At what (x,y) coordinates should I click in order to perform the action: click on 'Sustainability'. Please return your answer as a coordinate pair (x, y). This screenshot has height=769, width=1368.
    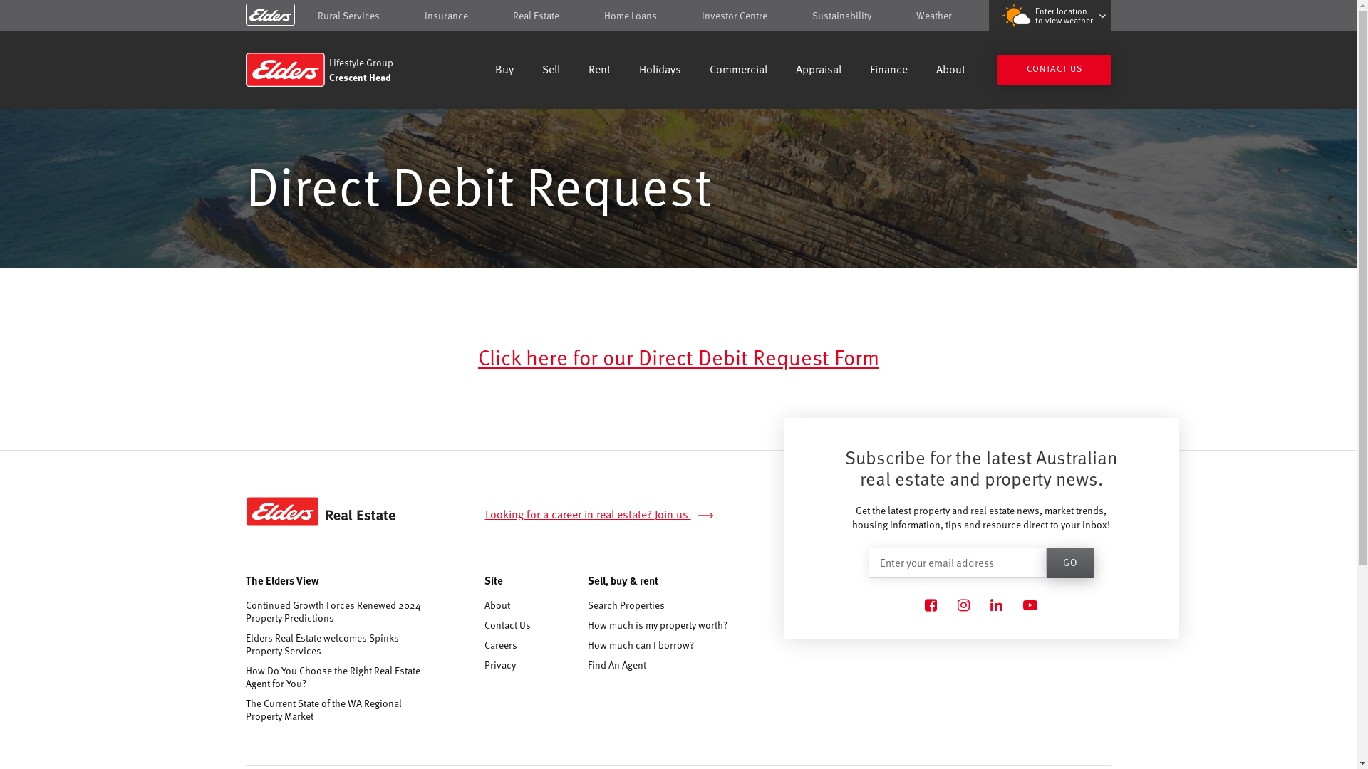
    Looking at the image, I should click on (841, 15).